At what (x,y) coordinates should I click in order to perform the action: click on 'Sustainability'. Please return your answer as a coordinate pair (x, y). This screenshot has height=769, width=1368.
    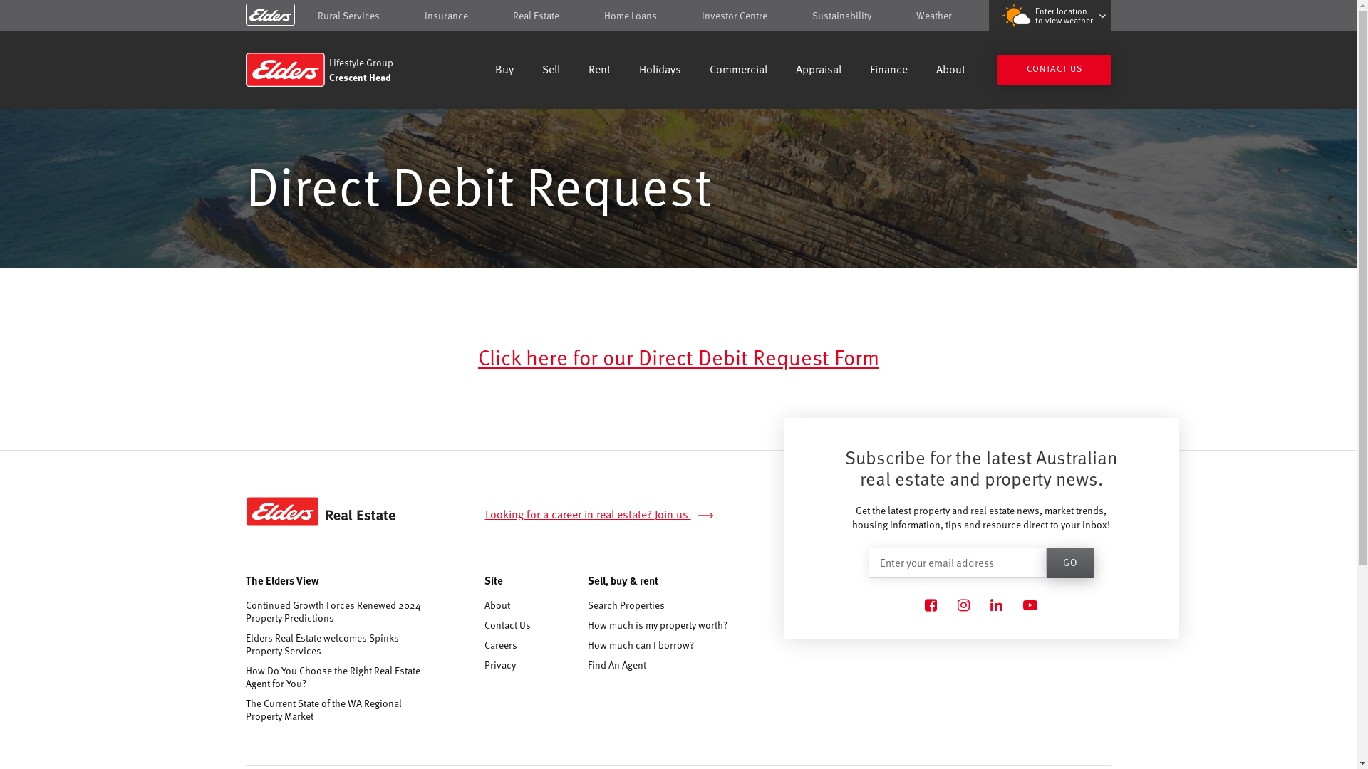
    Looking at the image, I should click on (841, 15).